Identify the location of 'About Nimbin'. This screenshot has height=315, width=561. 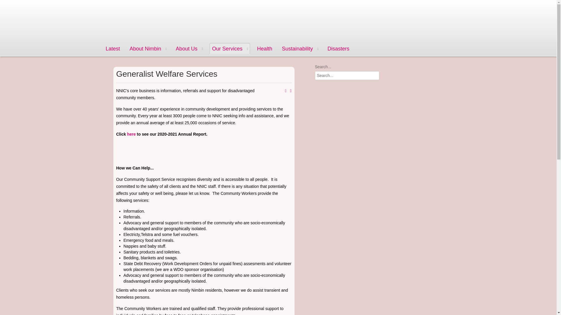
(148, 48).